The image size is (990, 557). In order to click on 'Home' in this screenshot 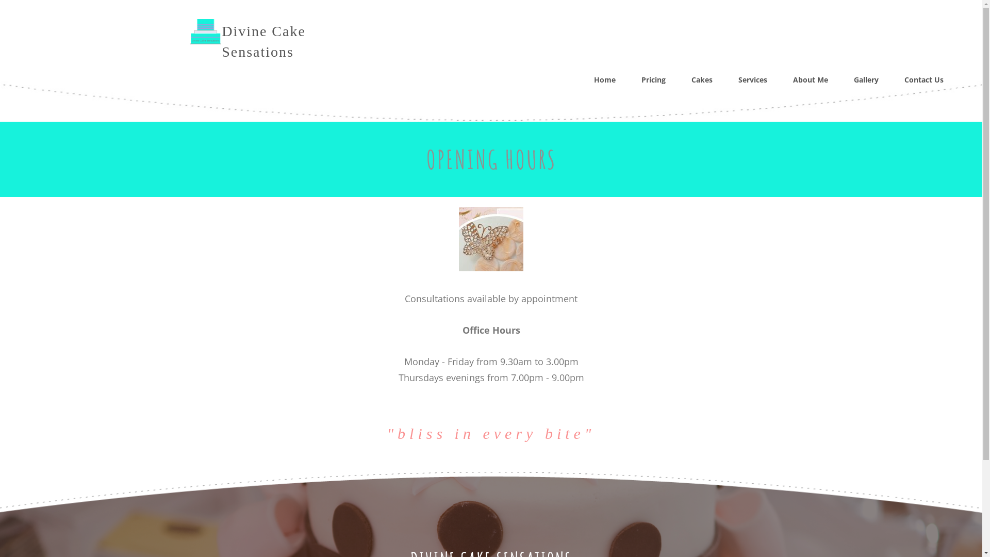, I will do `click(604, 79)`.